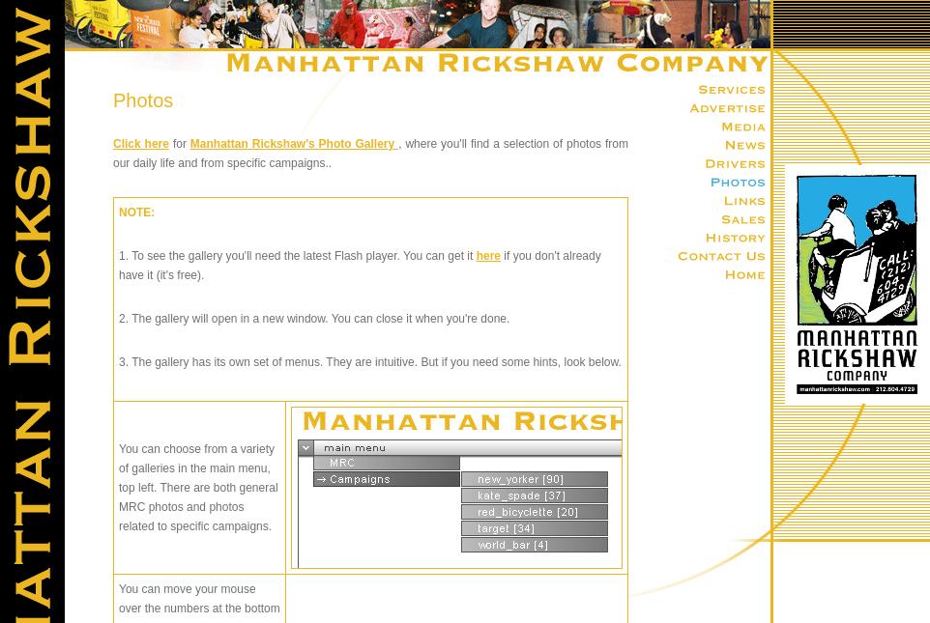 This screenshot has width=930, height=623. What do you see at coordinates (142, 99) in the screenshot?
I see `'Photos'` at bounding box center [142, 99].